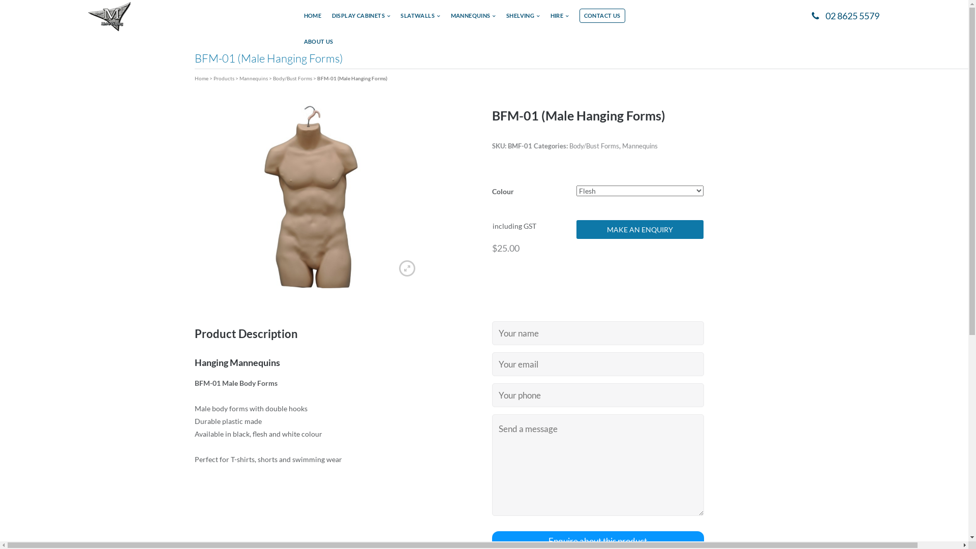  Describe the element at coordinates (523, 19) in the screenshot. I see `'SHELVING'` at that location.